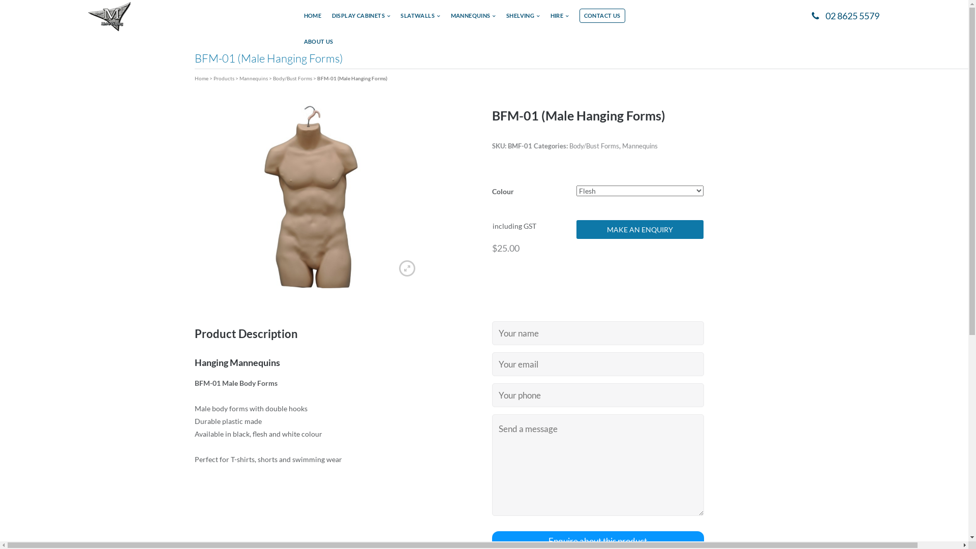  Describe the element at coordinates (523, 19) in the screenshot. I see `'SHELVING'` at that location.